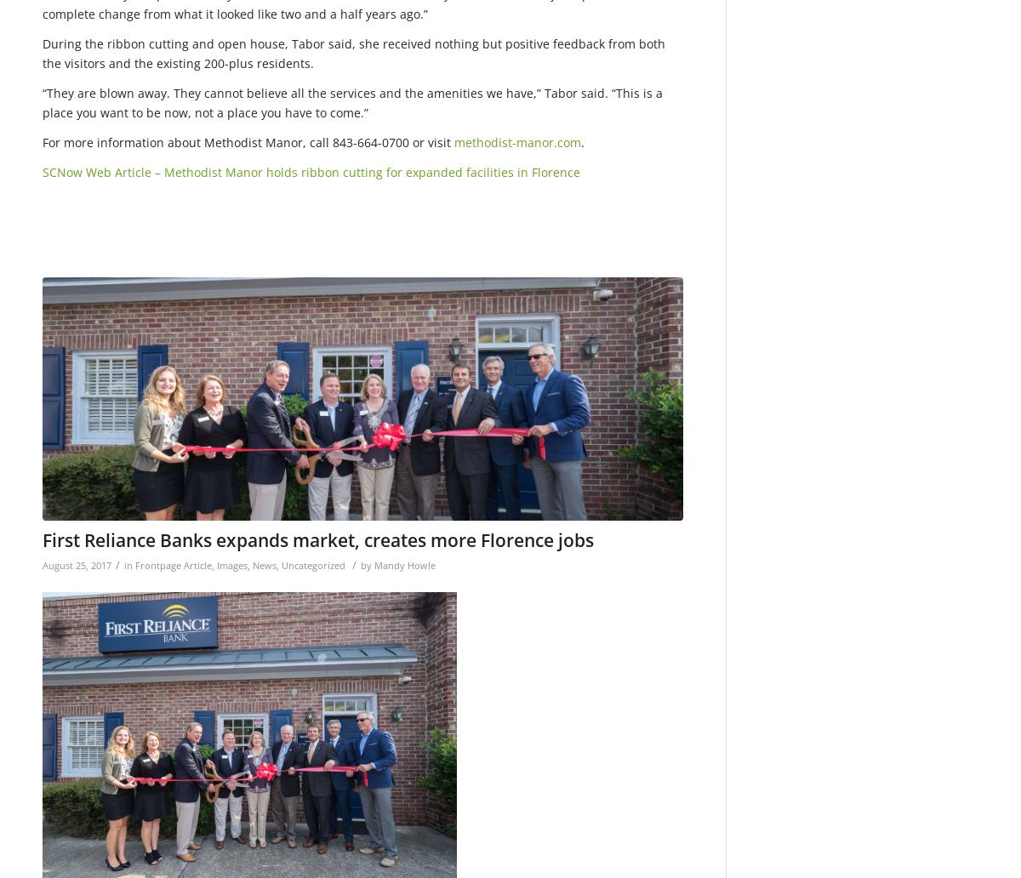  What do you see at coordinates (231, 563) in the screenshot?
I see `'Images'` at bounding box center [231, 563].